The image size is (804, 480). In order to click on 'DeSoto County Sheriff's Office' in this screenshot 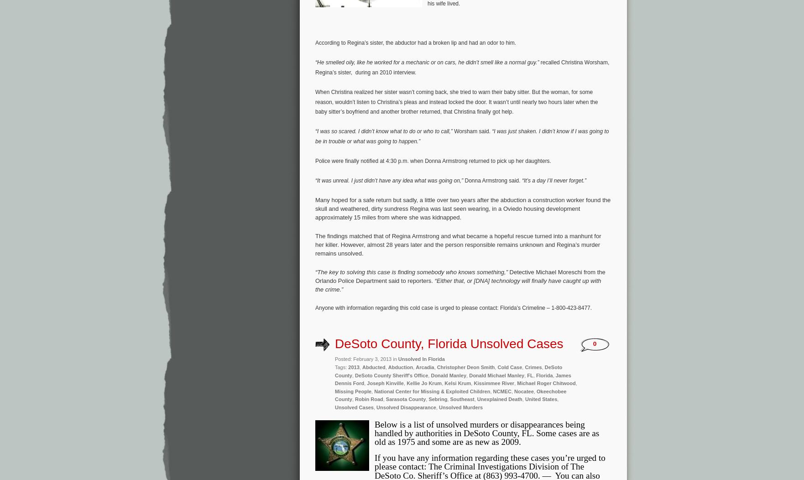, I will do `click(391, 375)`.